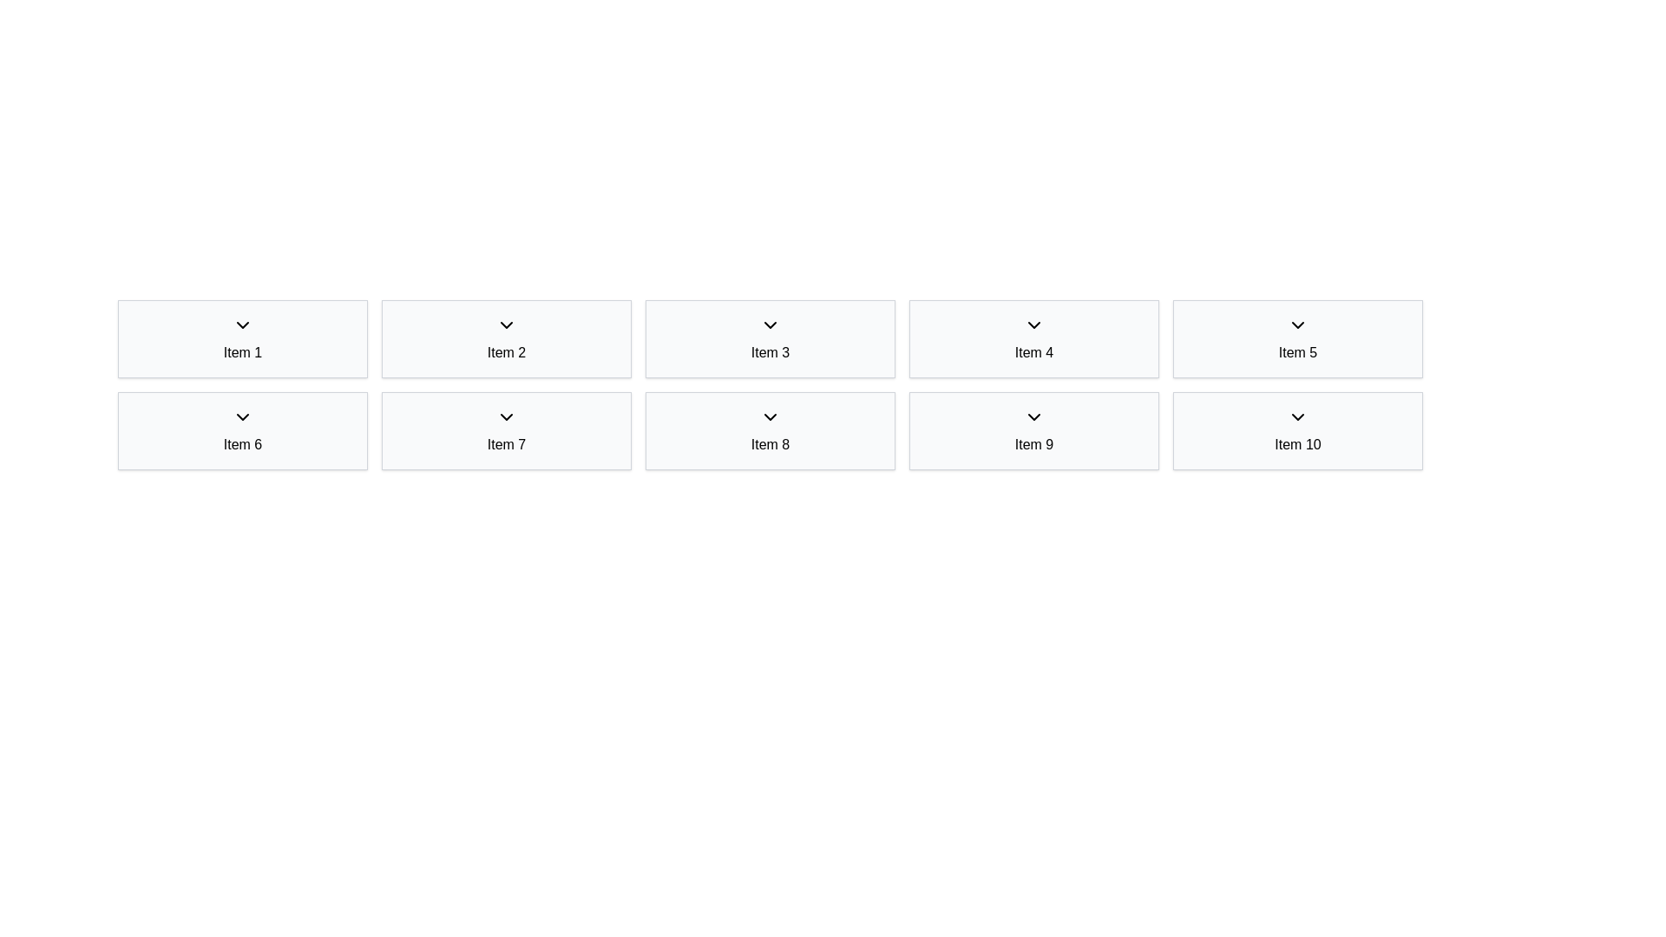 The image size is (1666, 937). I want to click on the ninth grid item located in the second row and fourth column of the grid layout, so click(1033, 430).